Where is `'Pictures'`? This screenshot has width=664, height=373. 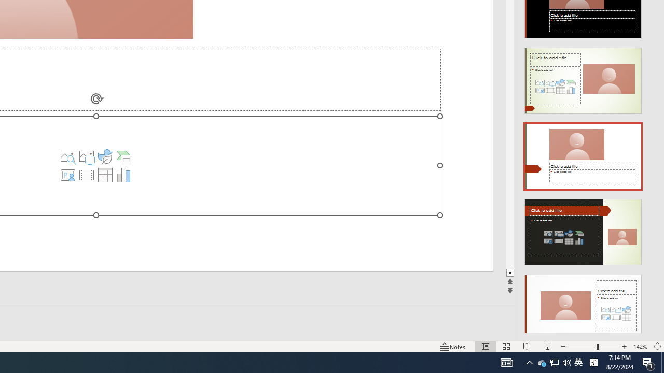
'Pictures' is located at coordinates (105, 156).